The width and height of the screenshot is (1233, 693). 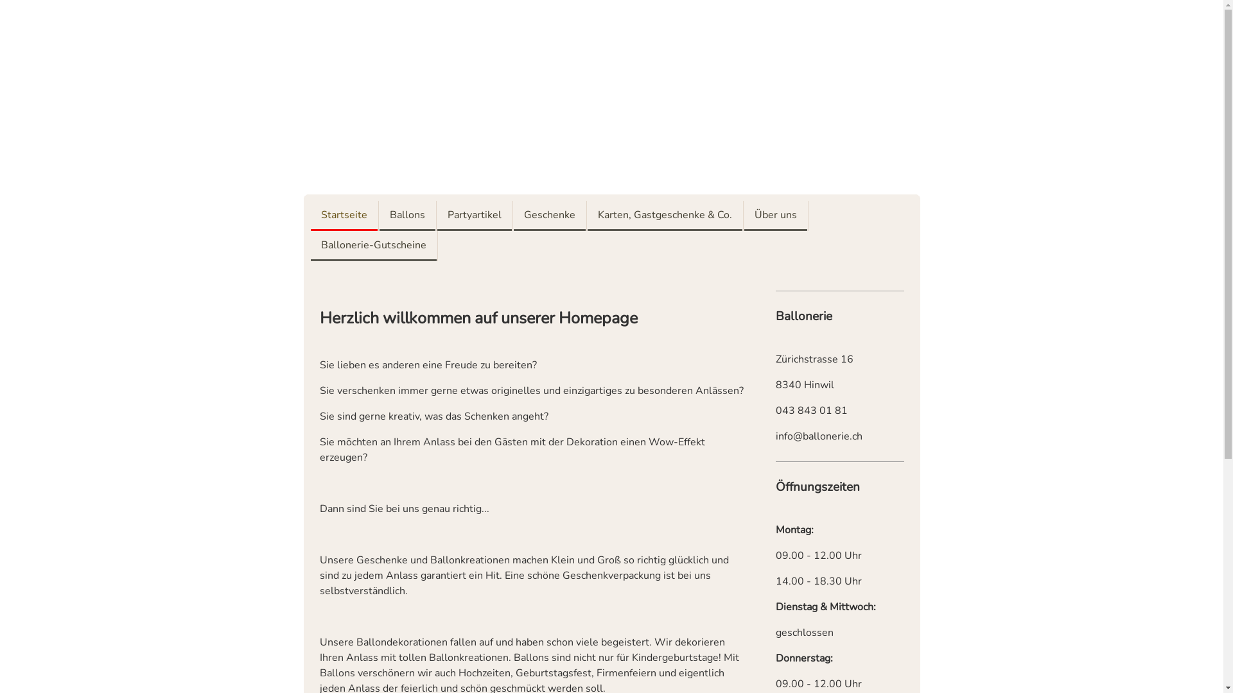 What do you see at coordinates (586, 215) in the screenshot?
I see `'Karten, Gastgeschenke & Co.'` at bounding box center [586, 215].